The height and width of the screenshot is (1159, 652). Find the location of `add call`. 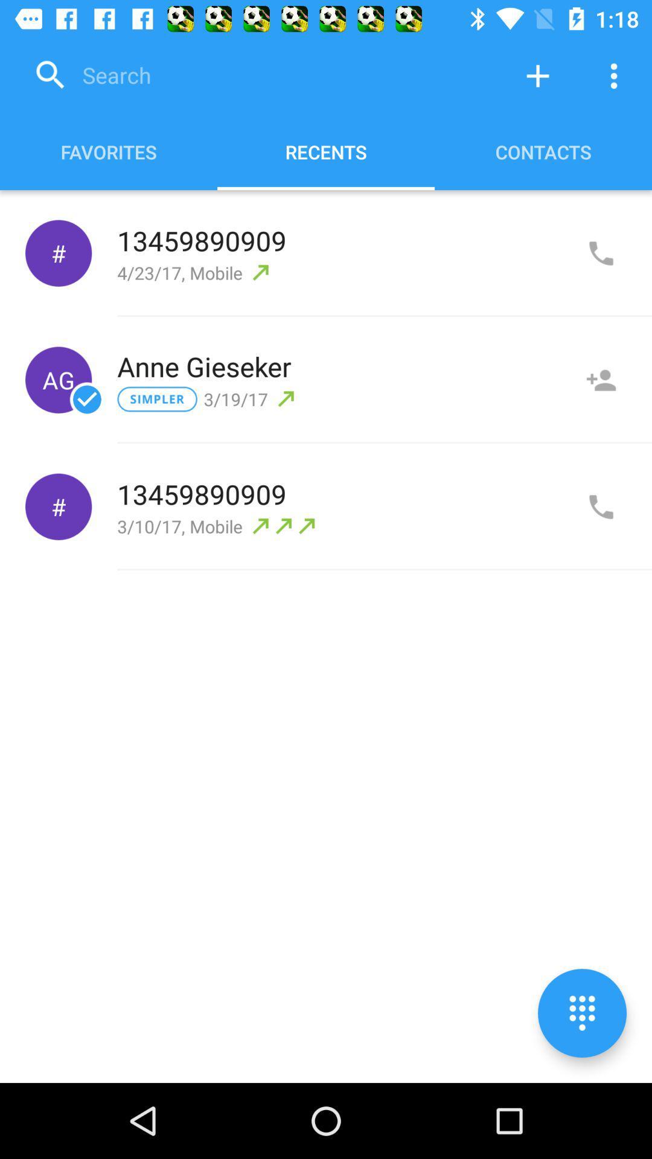

add call is located at coordinates (601, 253).